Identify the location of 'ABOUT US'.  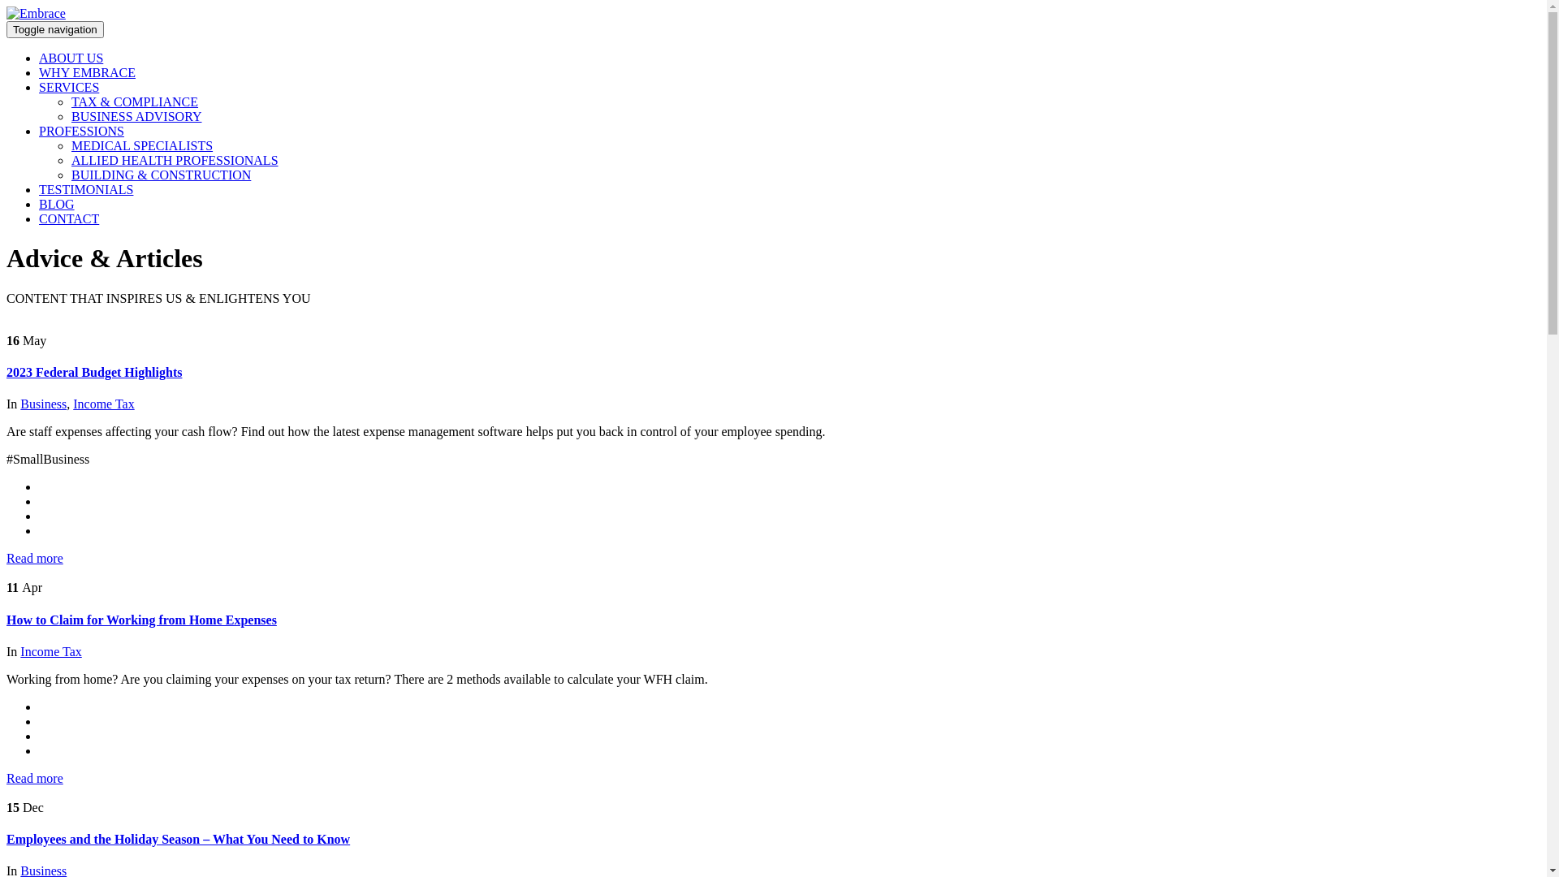
(70, 57).